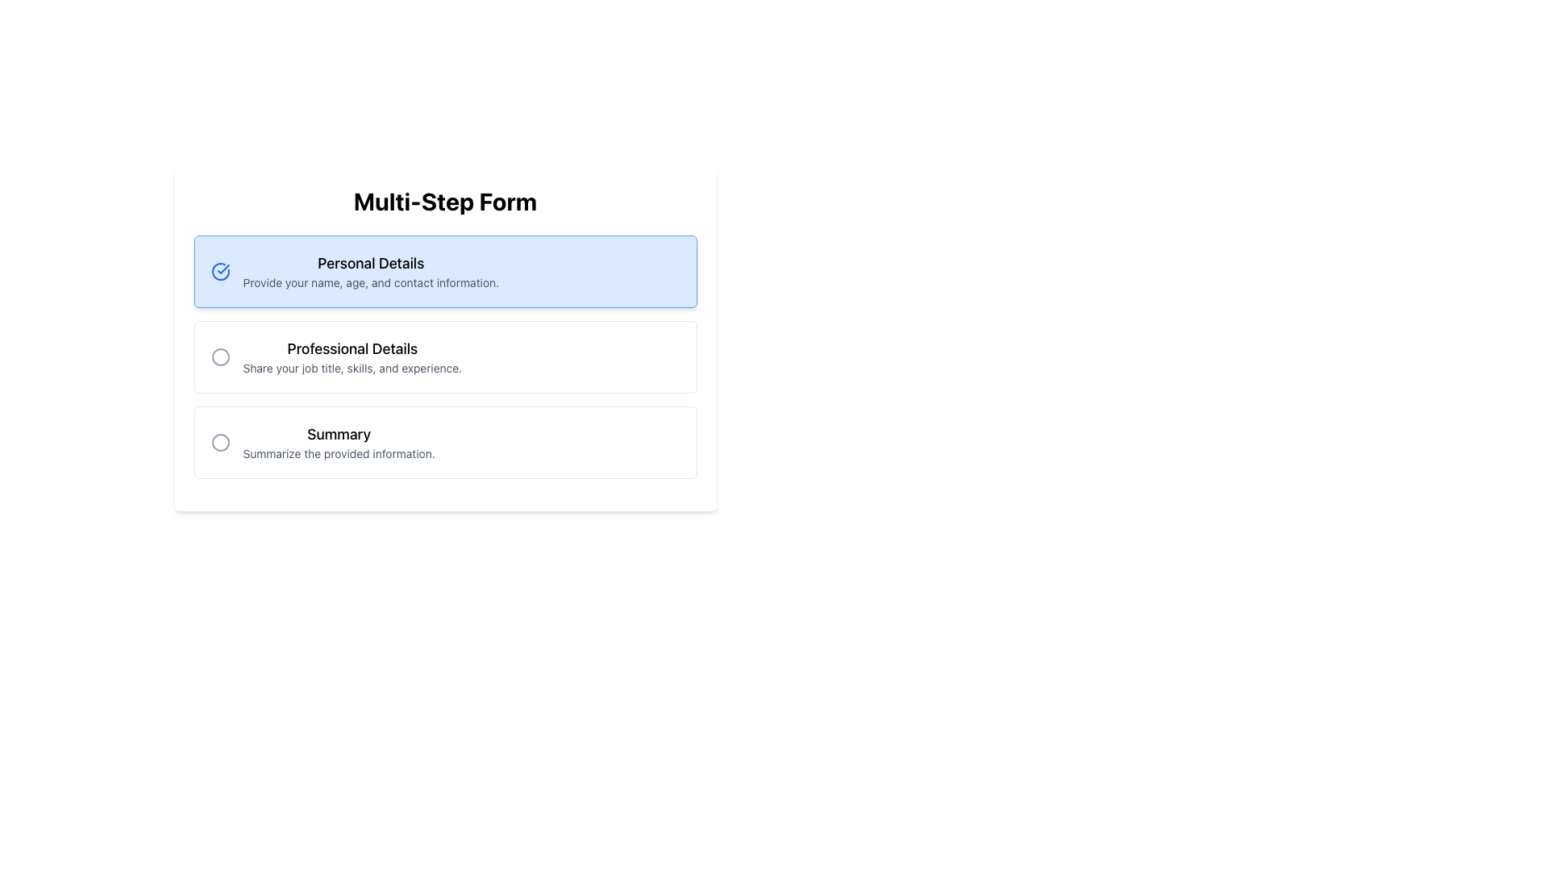  I want to click on the icon indicating that the 'Personal Details' section is selected or active, so click(219, 270).